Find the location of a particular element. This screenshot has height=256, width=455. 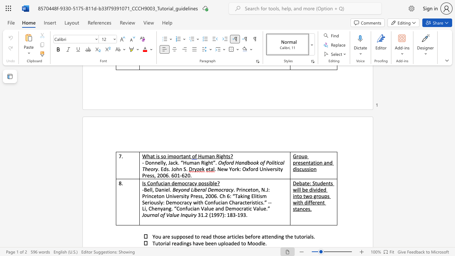

the subset text "ngs have been upl" within the text "Tutorial readings have been uploaded to Moodle." is located at coordinates (183, 243).